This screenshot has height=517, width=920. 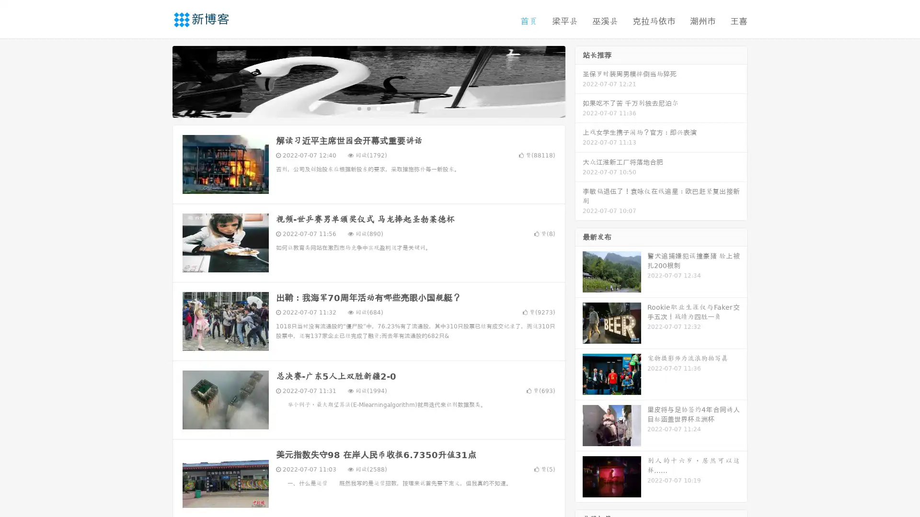 What do you see at coordinates (358, 108) in the screenshot?
I see `Go to slide 1` at bounding box center [358, 108].